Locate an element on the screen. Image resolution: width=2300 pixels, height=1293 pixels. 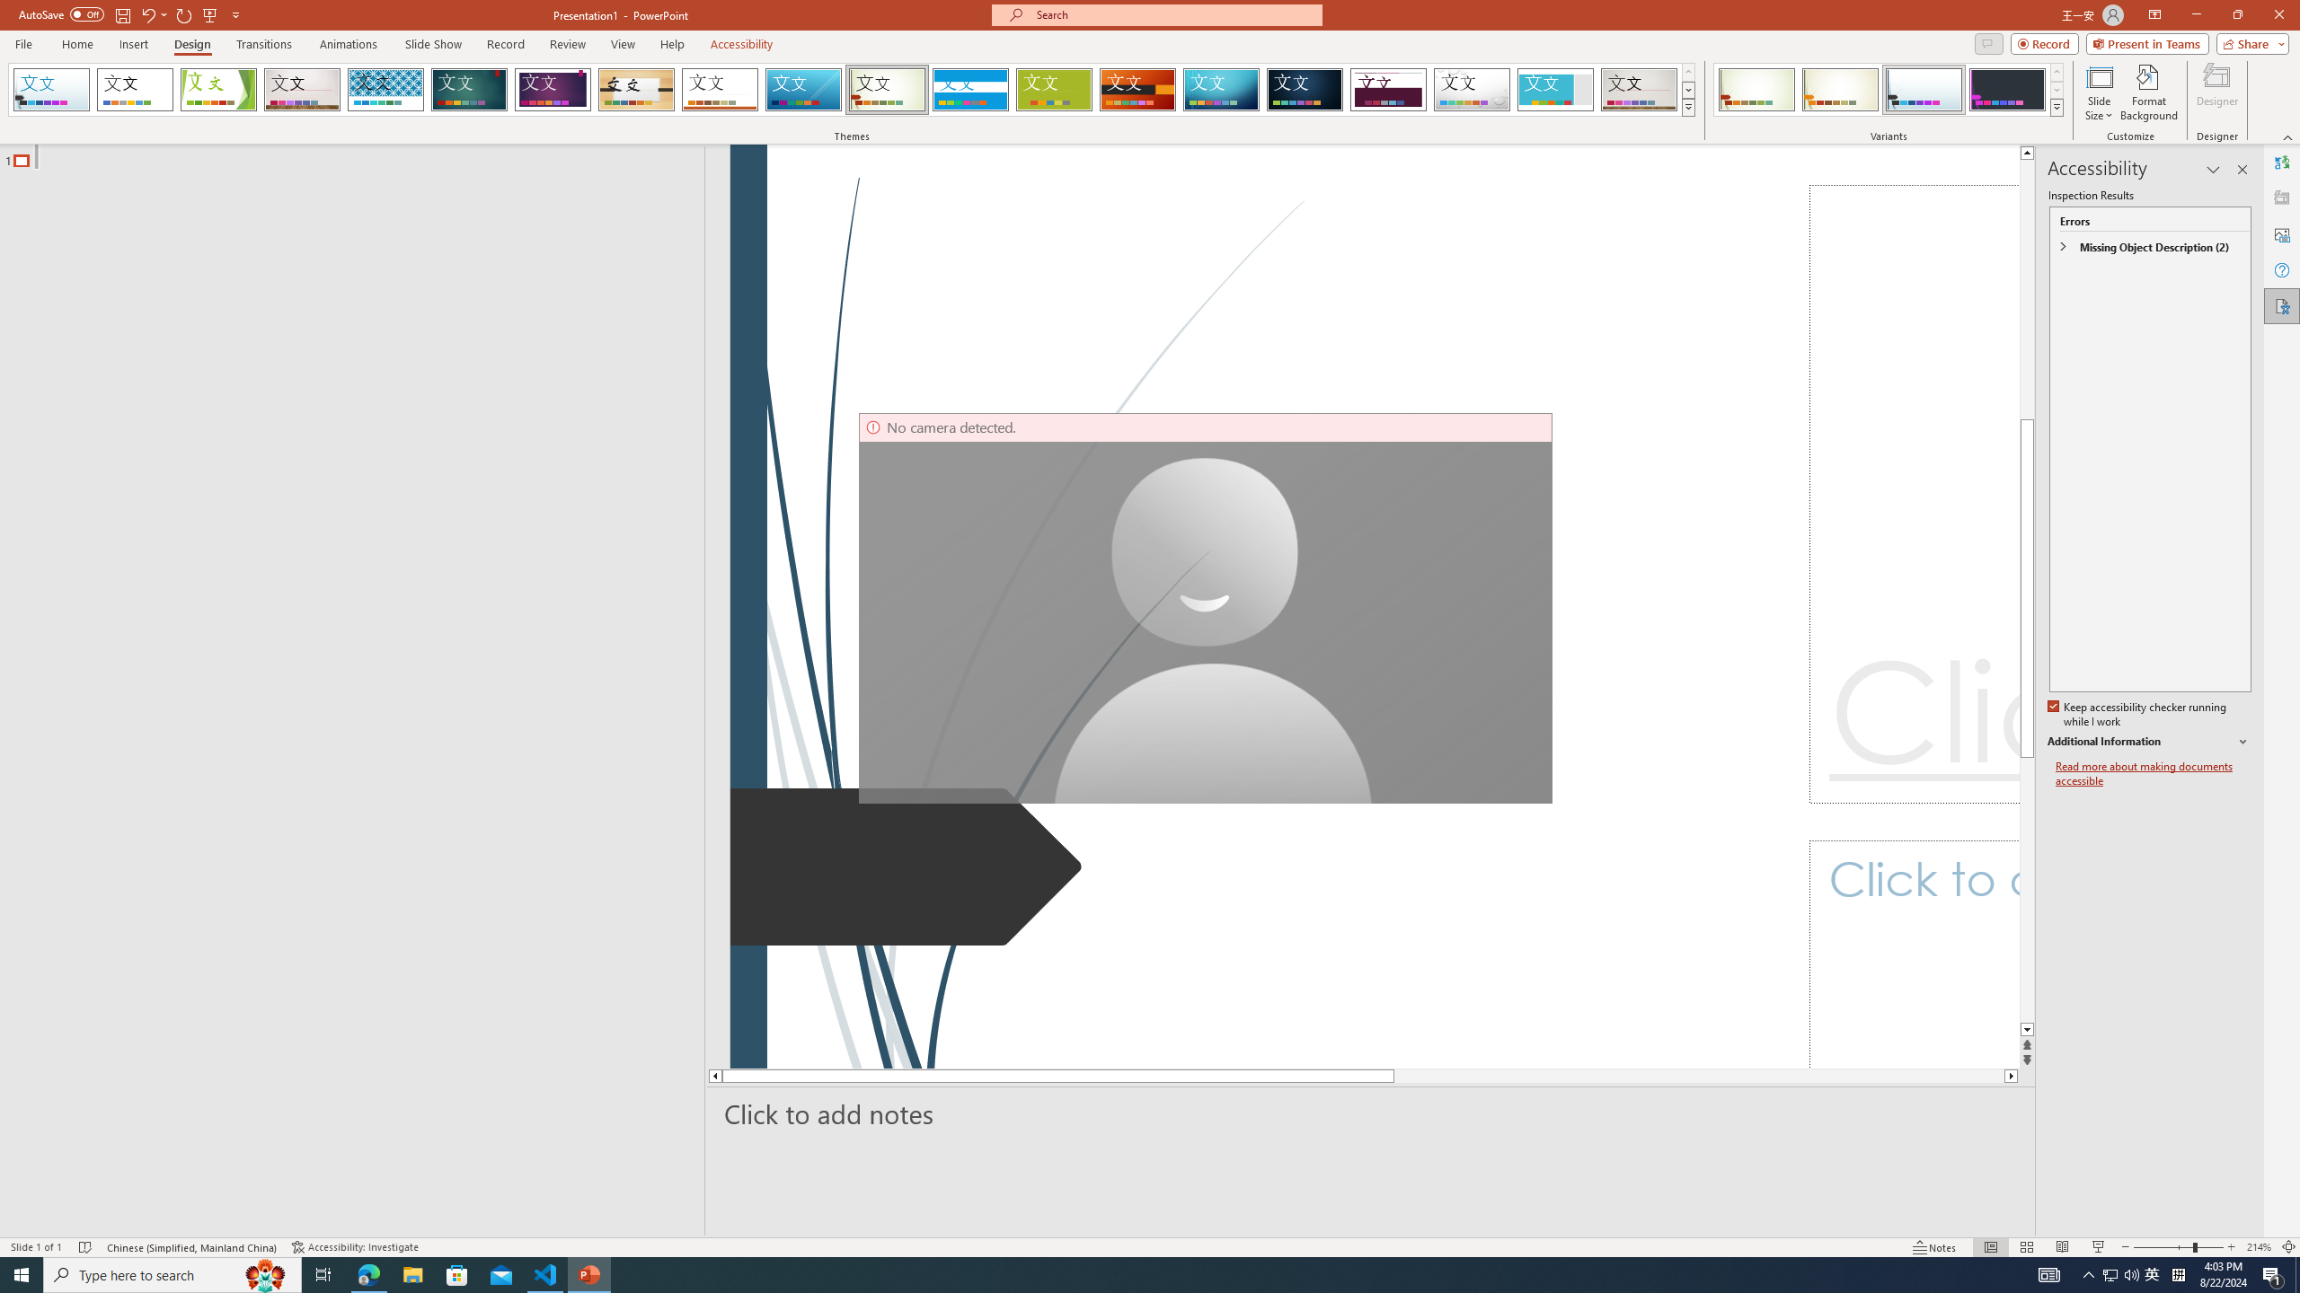
'Additional Information' is located at coordinates (2149, 742).